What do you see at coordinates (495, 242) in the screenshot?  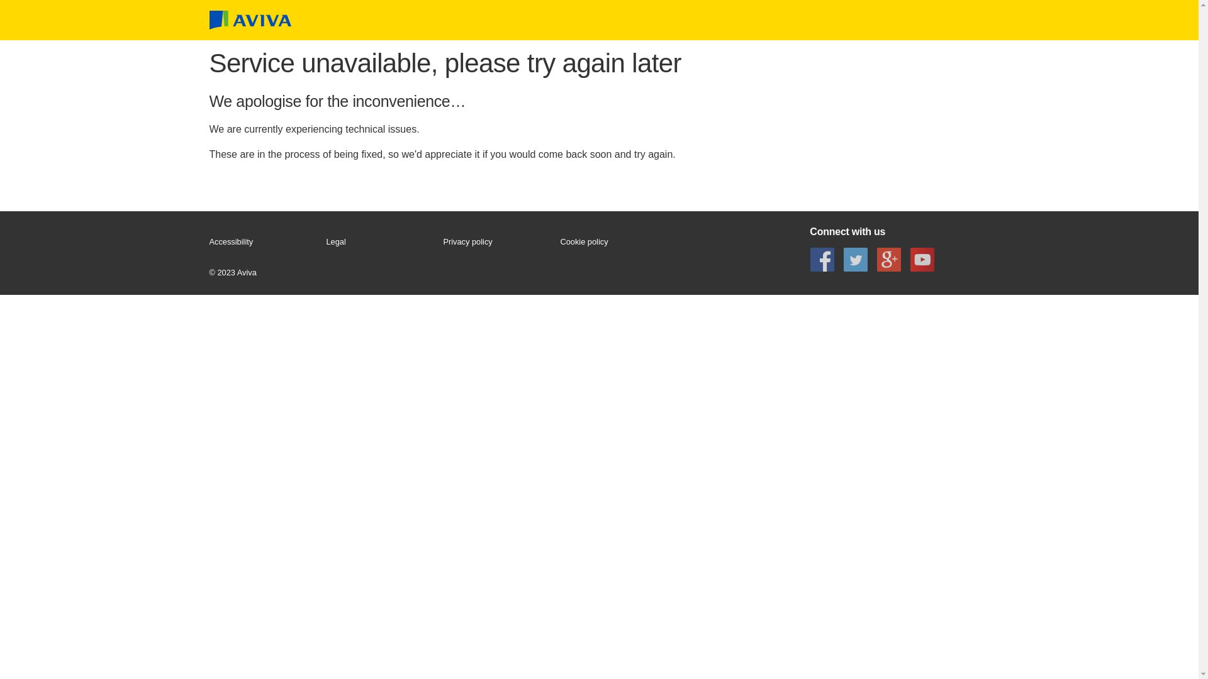 I see `'Privacy policy'` at bounding box center [495, 242].